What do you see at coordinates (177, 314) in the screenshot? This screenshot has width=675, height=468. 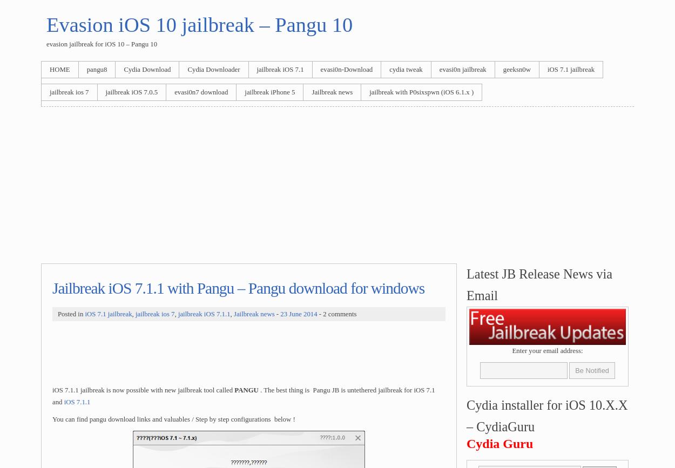 I see `'jailbreak iOS 7.1.1'` at bounding box center [177, 314].